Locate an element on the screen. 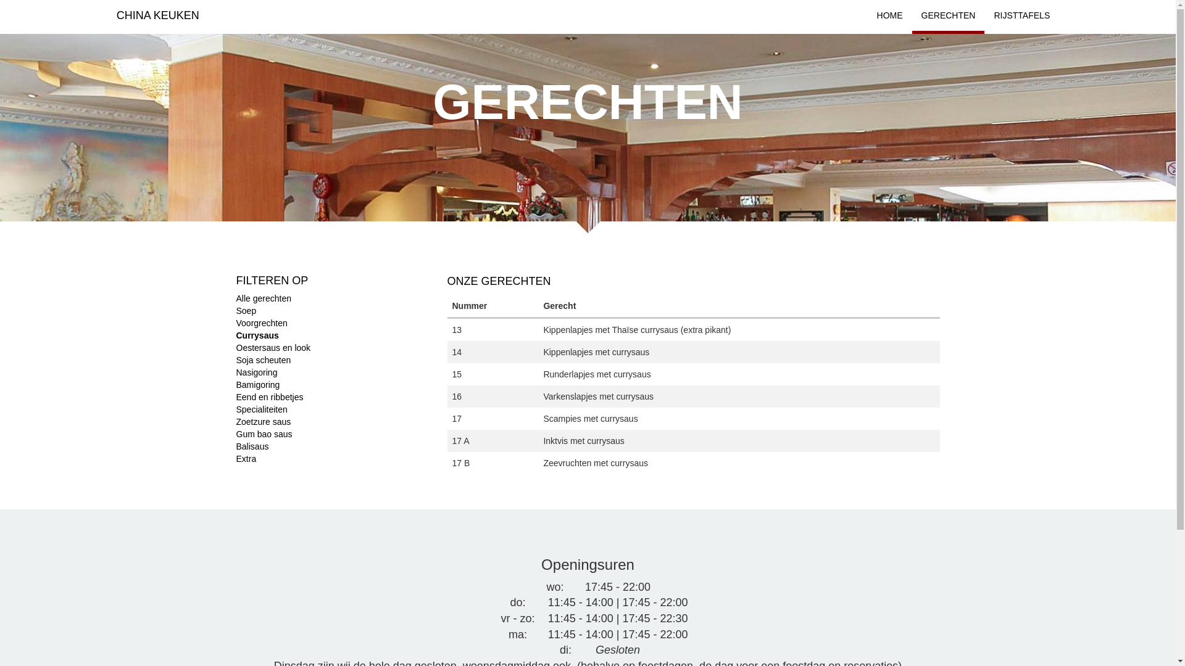 The height and width of the screenshot is (666, 1185). 'Balisaus' is located at coordinates (251, 446).